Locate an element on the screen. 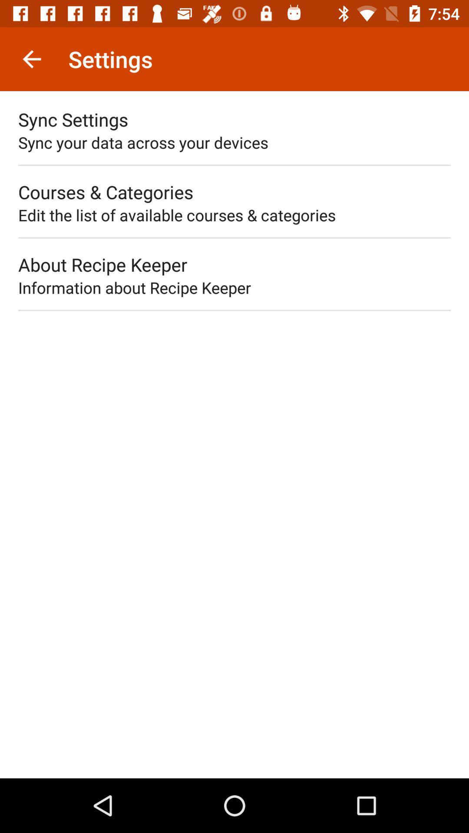 The image size is (469, 833). icon next to settings item is located at coordinates (31, 59).